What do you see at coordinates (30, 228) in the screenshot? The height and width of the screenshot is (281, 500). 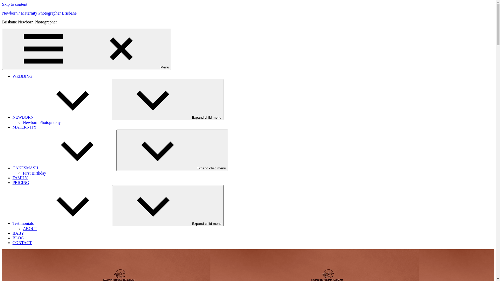 I see `'ABOUT'` at bounding box center [30, 228].